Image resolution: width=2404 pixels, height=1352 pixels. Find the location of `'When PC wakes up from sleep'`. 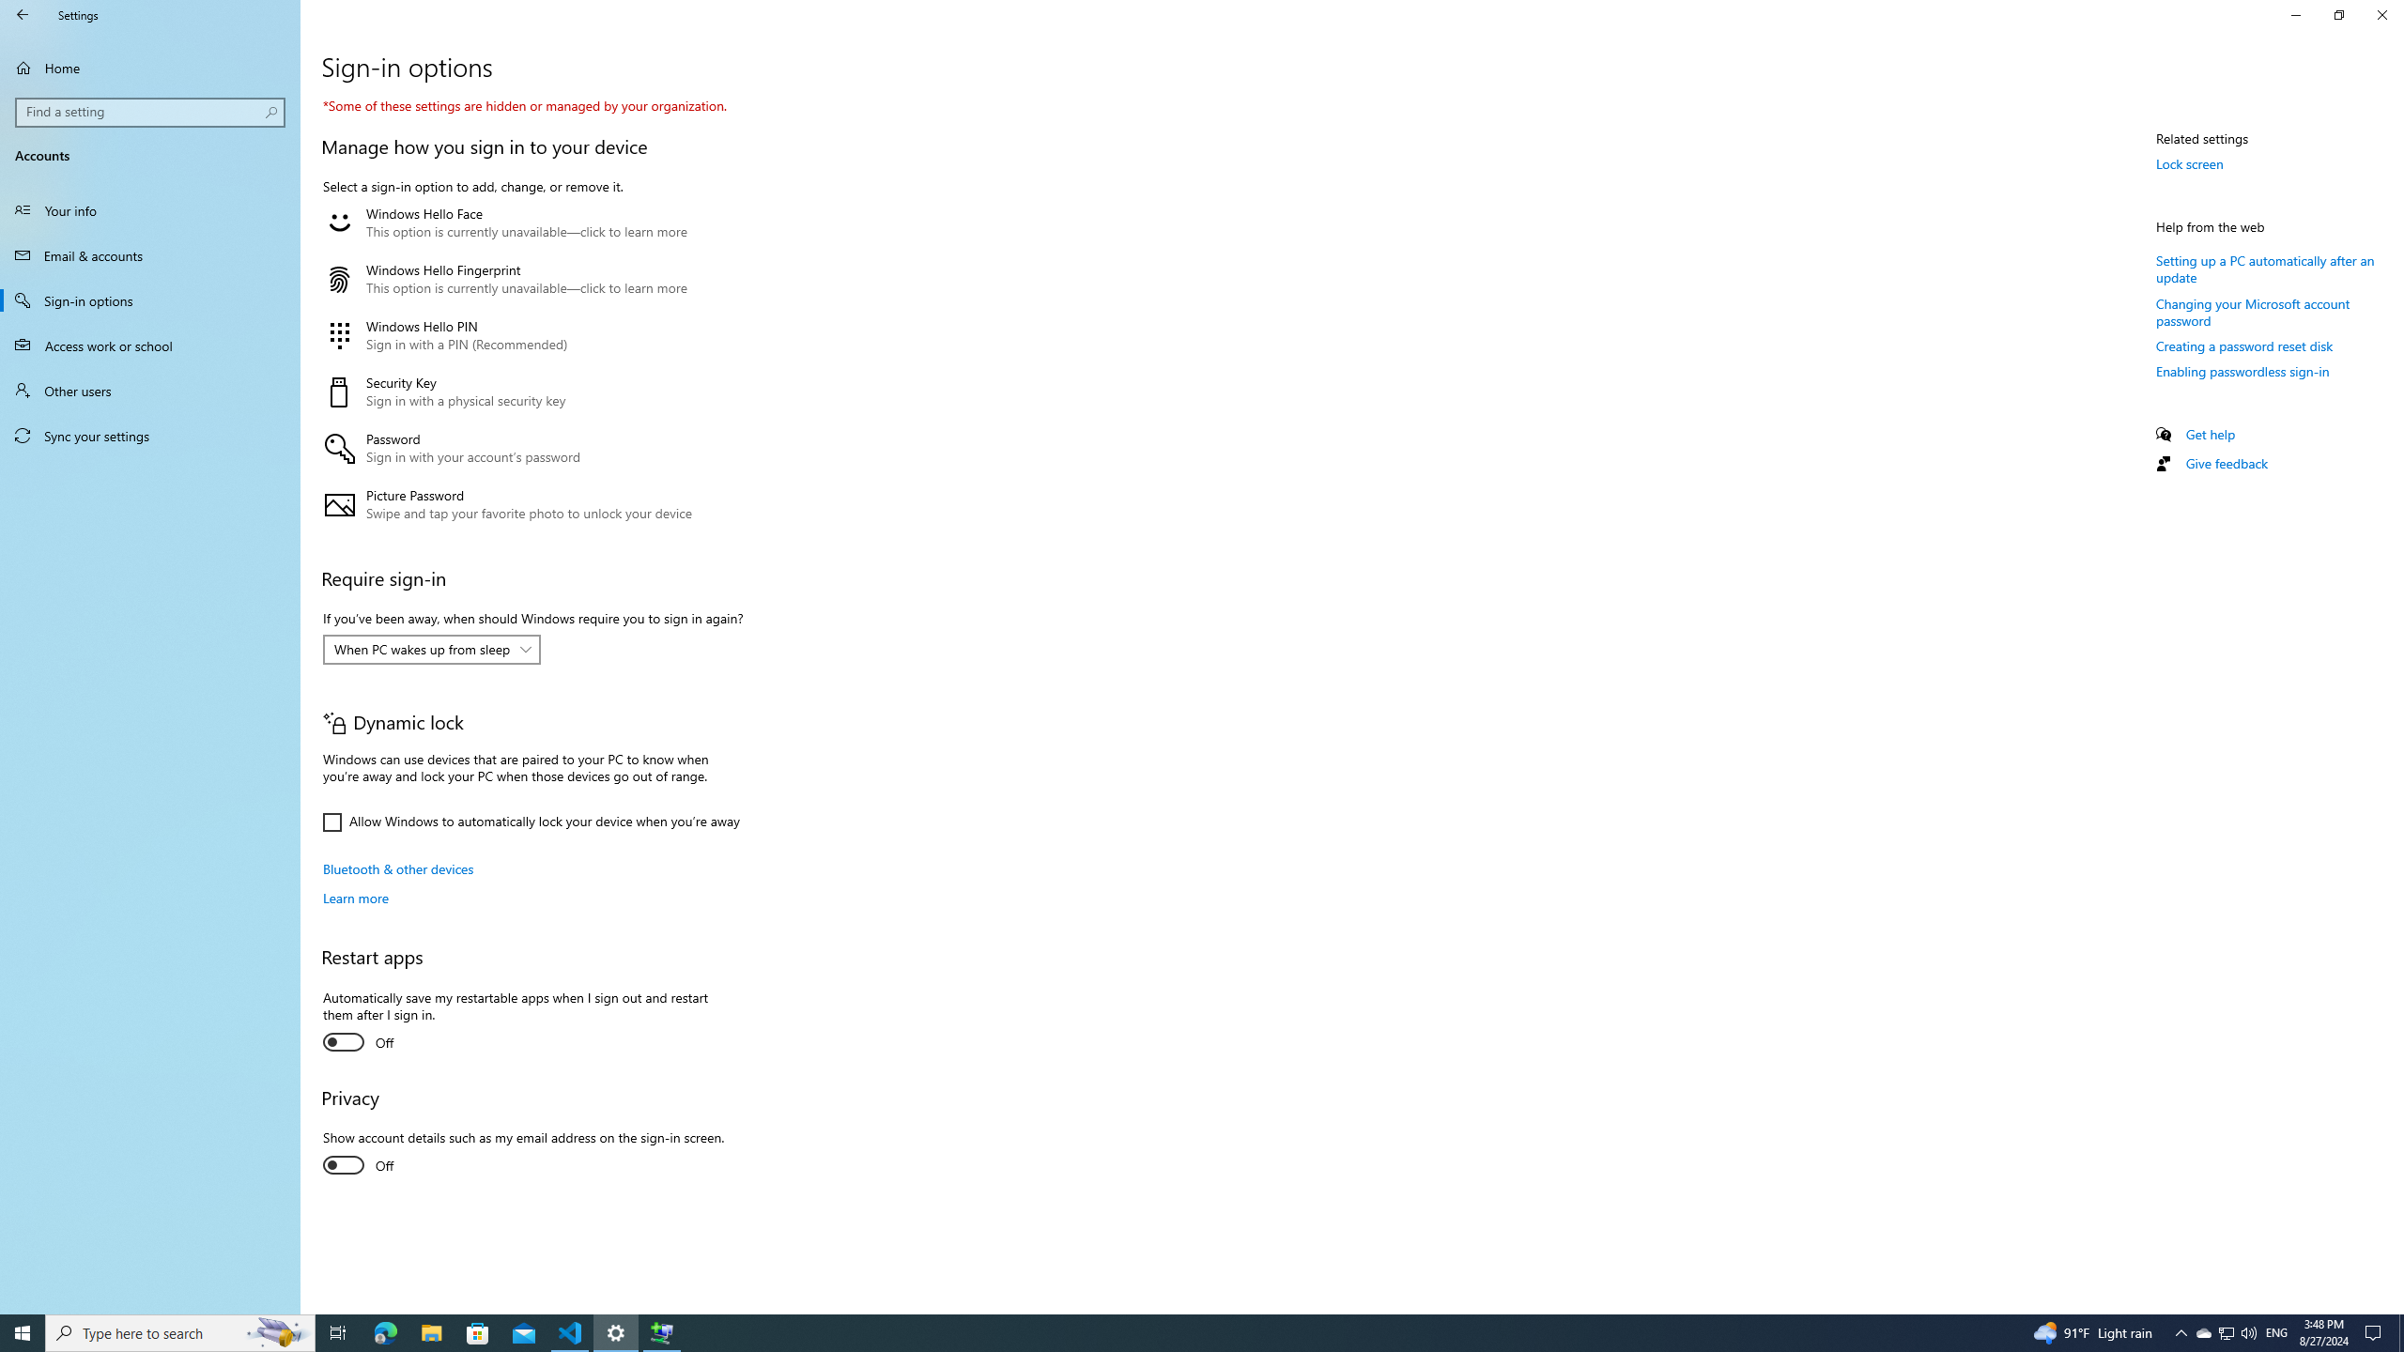

'When PC wakes up from sleep' is located at coordinates (421, 648).